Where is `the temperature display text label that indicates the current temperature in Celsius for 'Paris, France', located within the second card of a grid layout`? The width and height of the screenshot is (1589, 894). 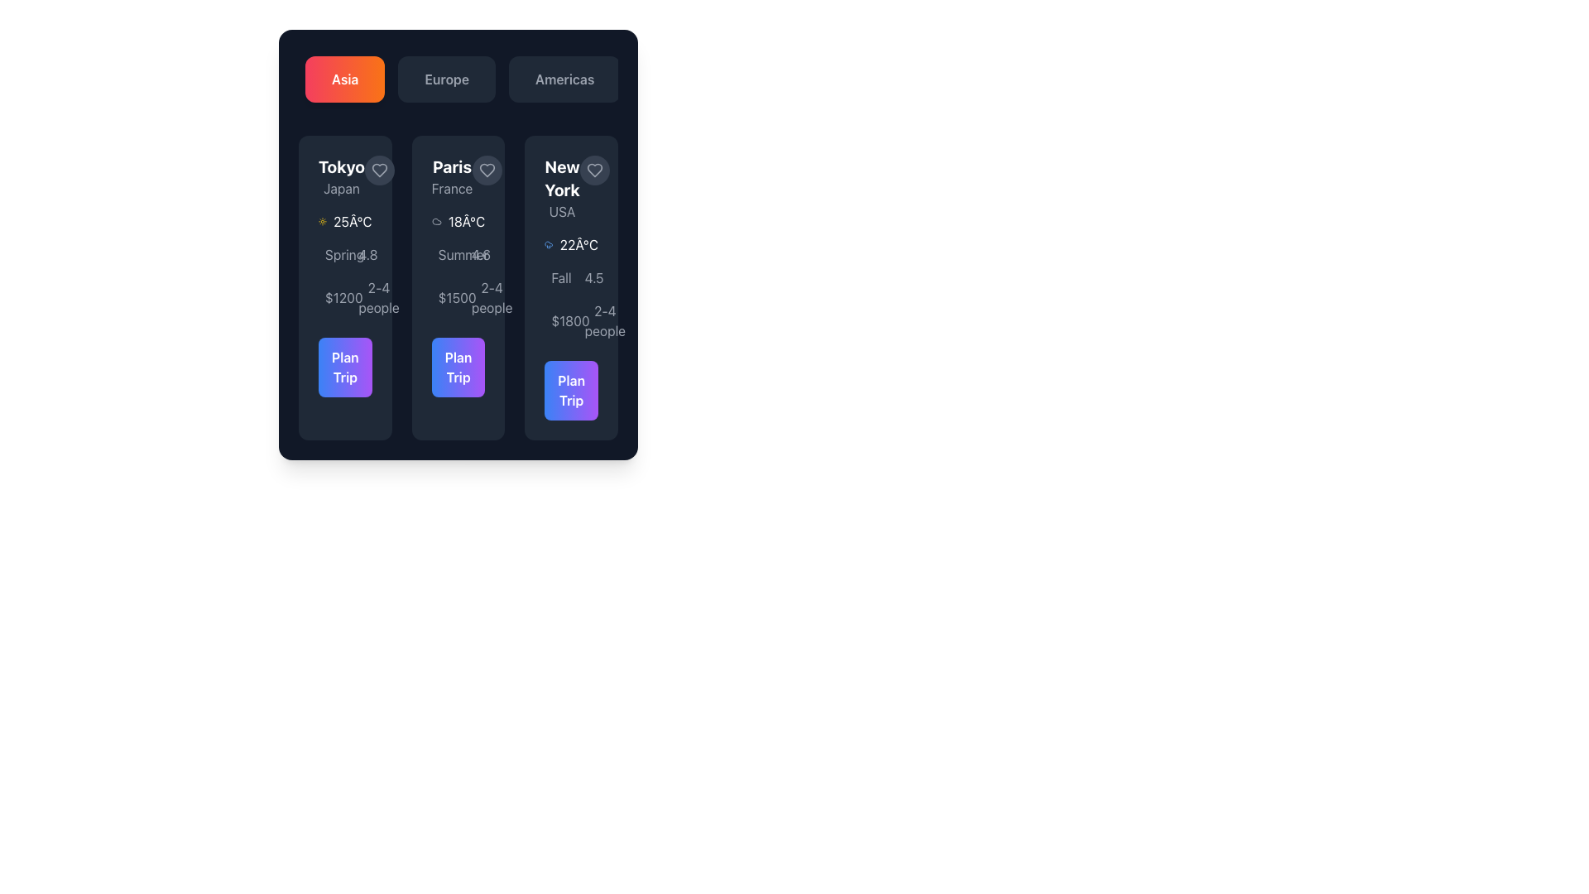
the temperature display text label that indicates the current temperature in Celsius for 'Paris, France', located within the second card of a grid layout is located at coordinates (466, 220).